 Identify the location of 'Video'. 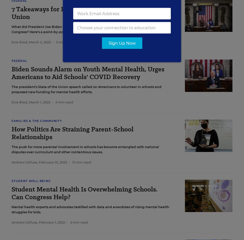
(18, 4).